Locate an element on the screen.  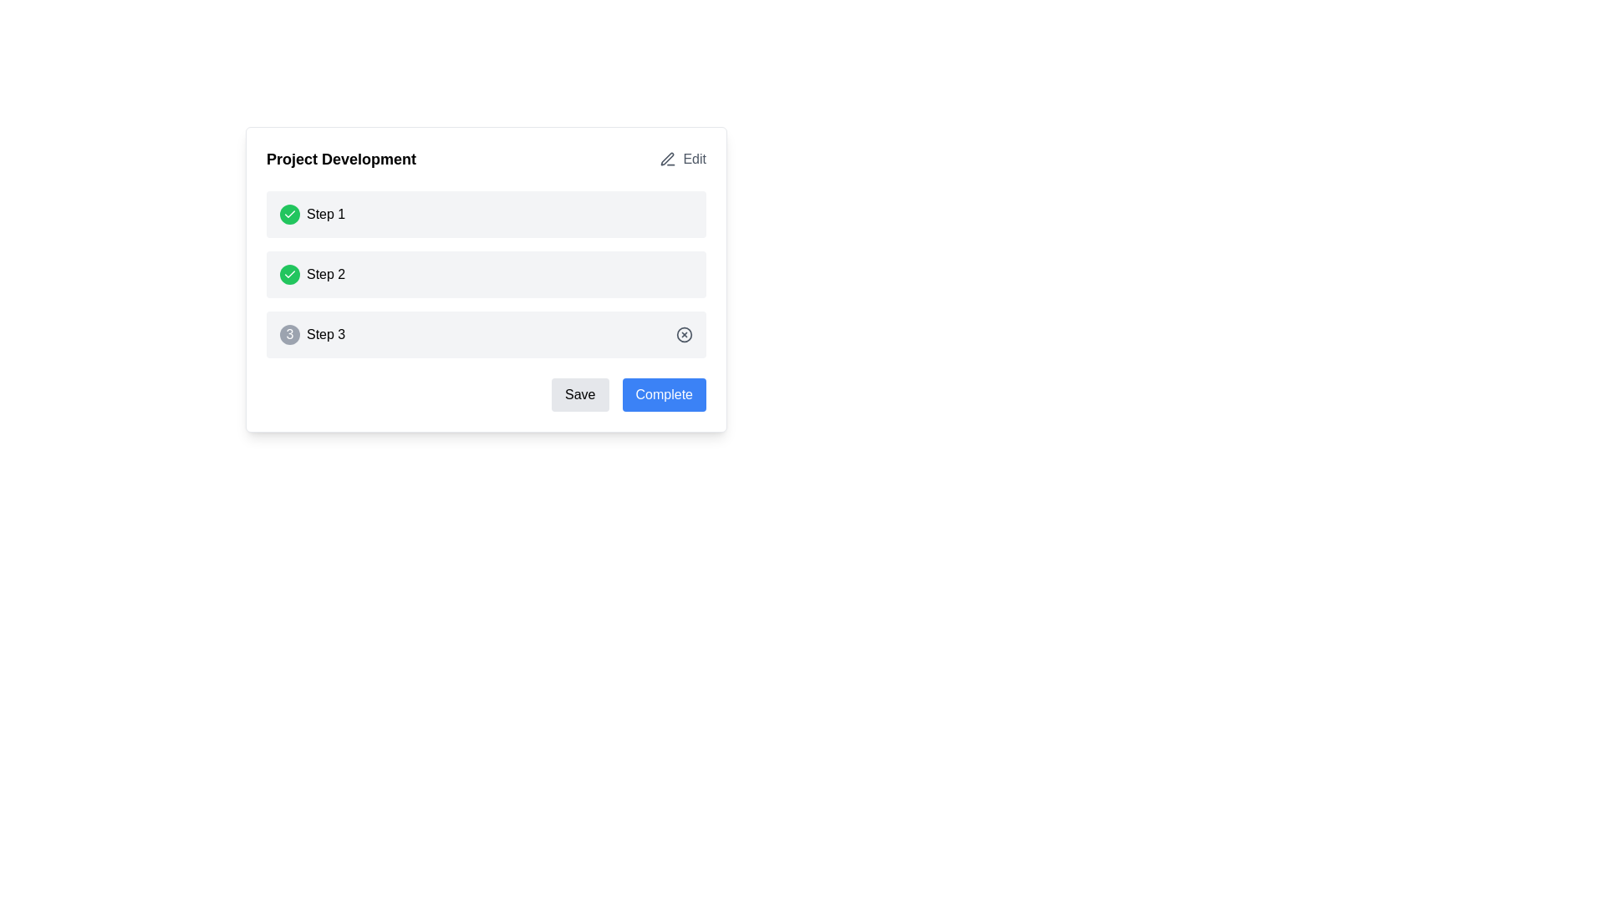
the Step 3 icon in the progress tracker, which indicates the current step in the multi-step process is located at coordinates (289, 335).